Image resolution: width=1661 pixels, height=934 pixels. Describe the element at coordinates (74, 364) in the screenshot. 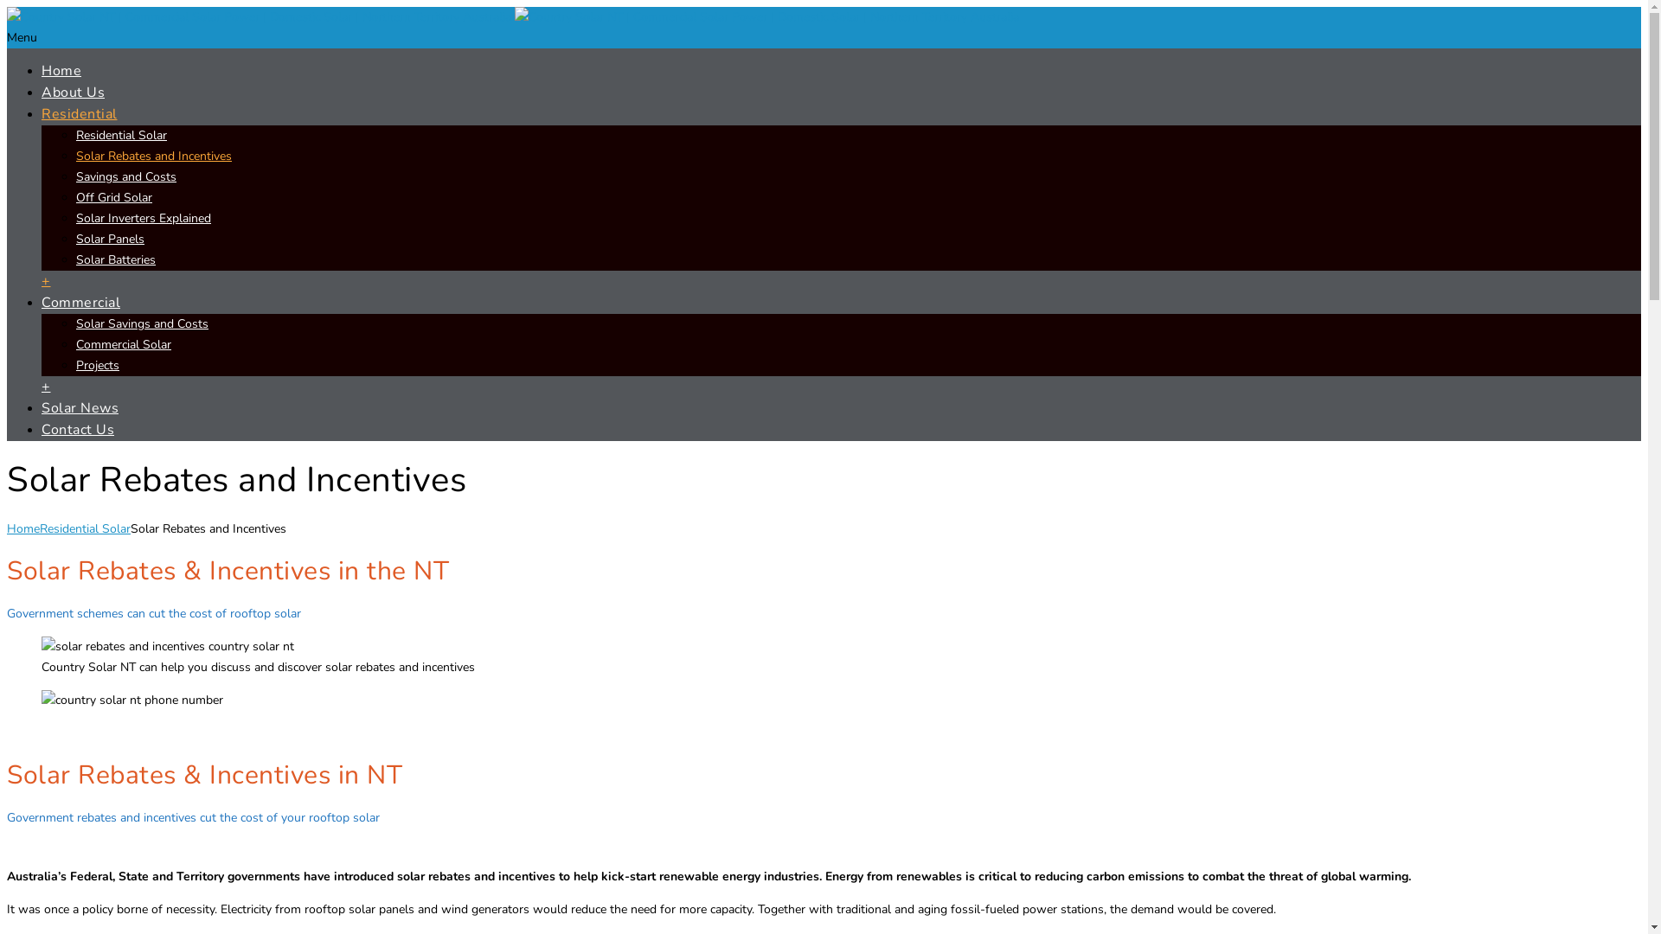

I see `'Projects'` at that location.